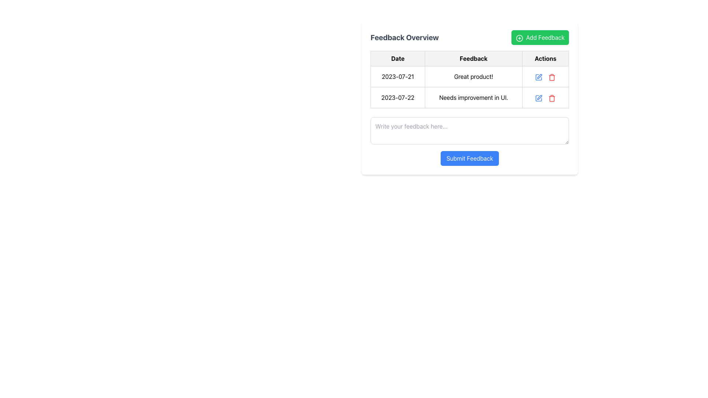  I want to click on the red trash can icon in the 'Actions' column of the second row in the feedback table, so click(552, 97).